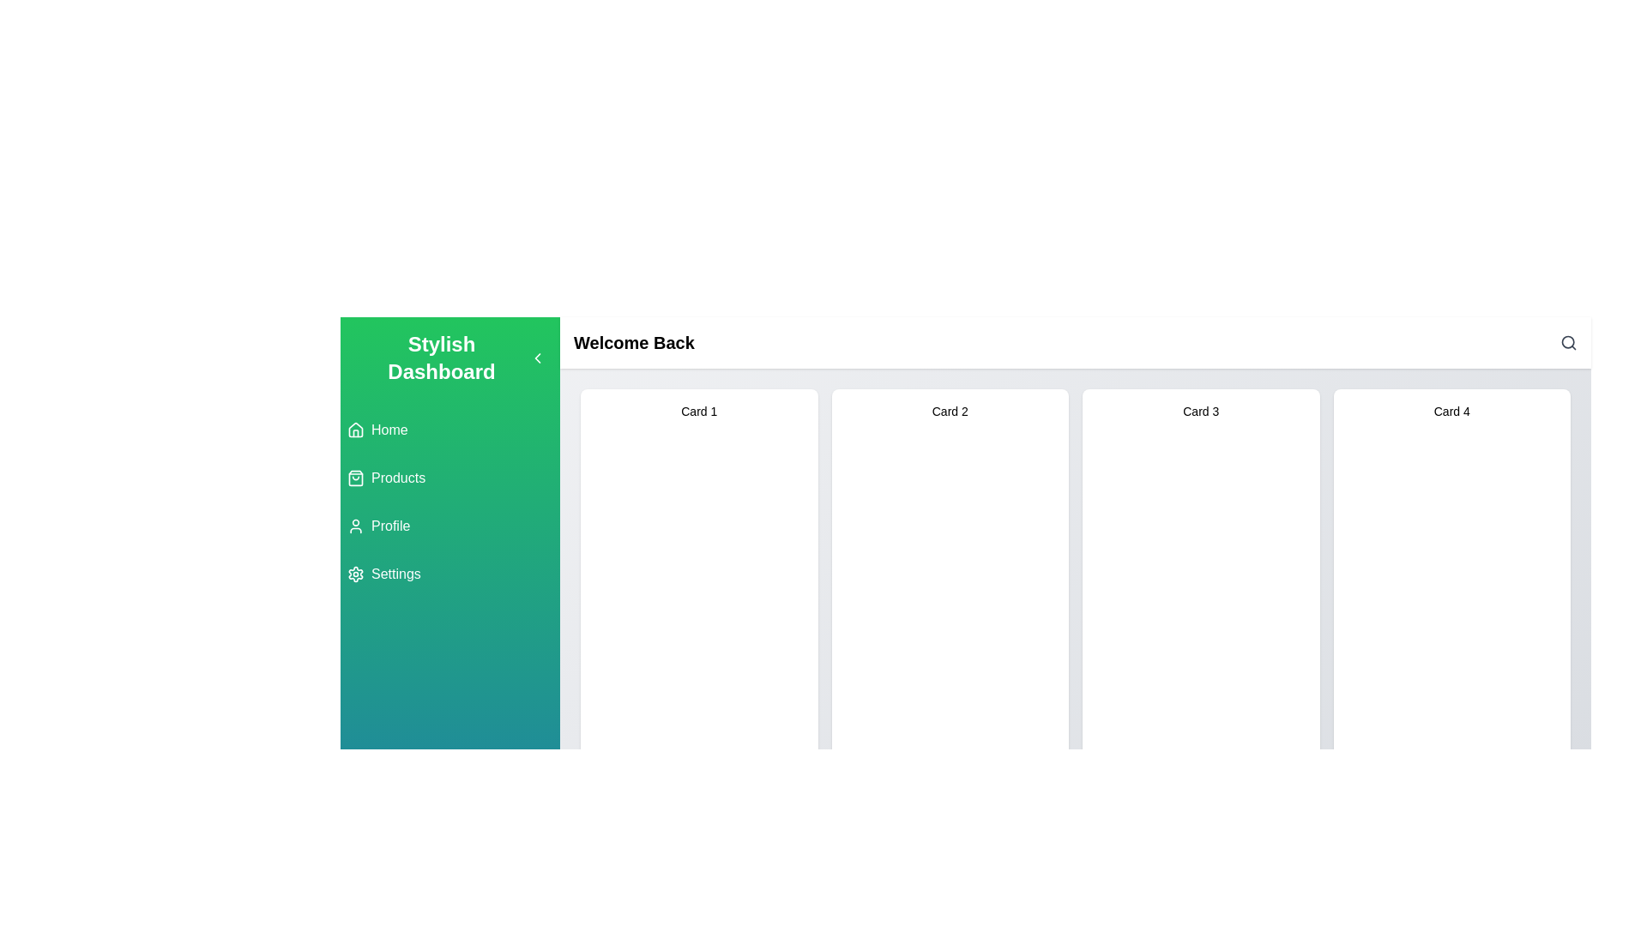  What do you see at coordinates (354, 574) in the screenshot?
I see `the mechanical gear-like icon located` at bounding box center [354, 574].